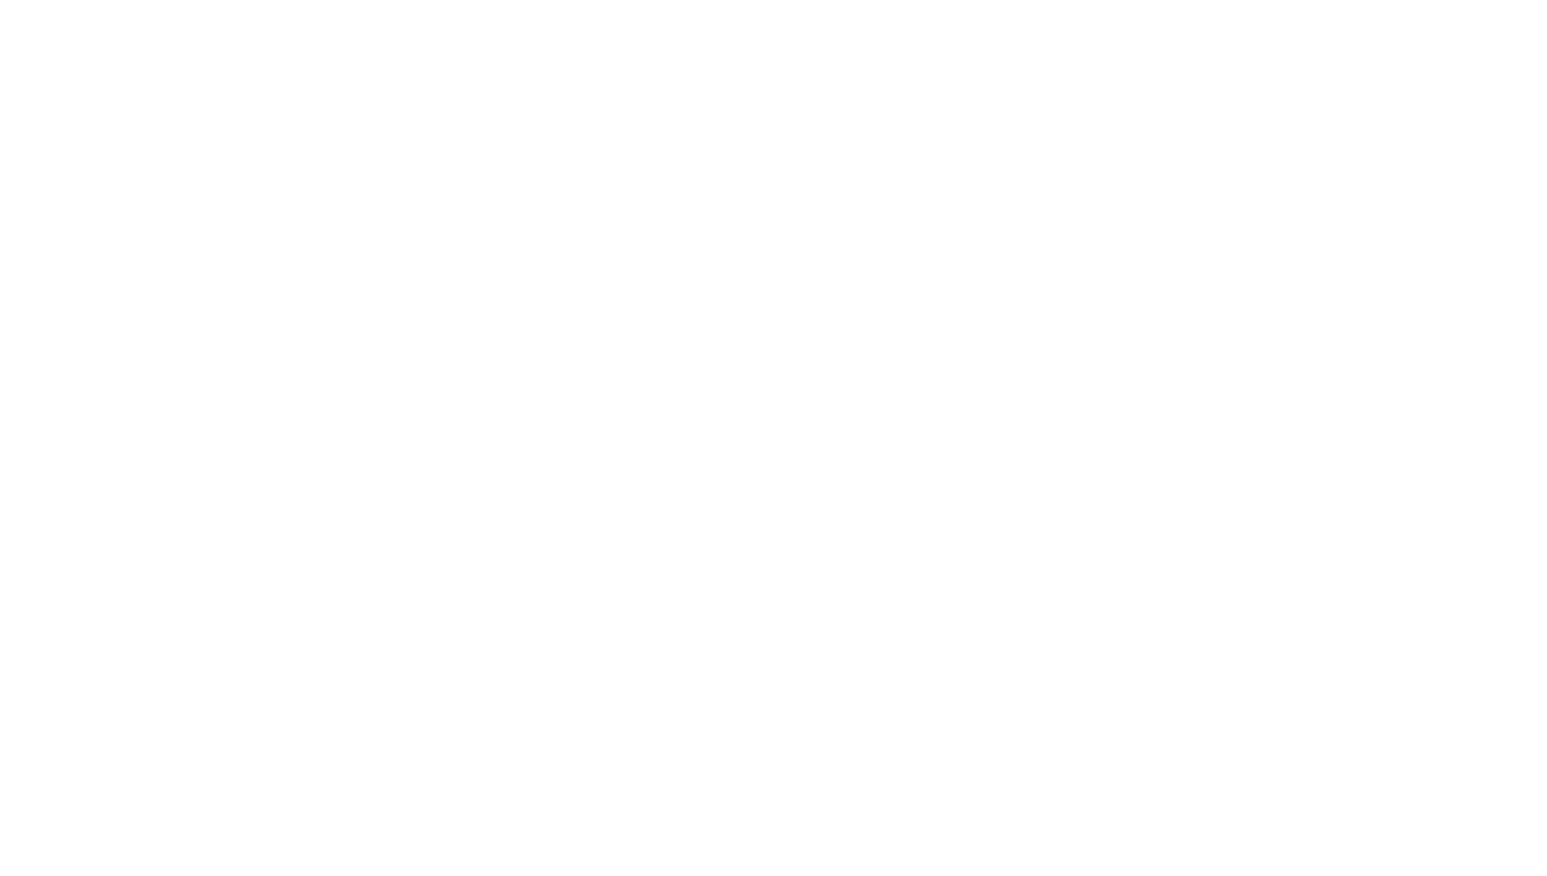 This screenshot has width=1547, height=876. Describe the element at coordinates (553, 683) in the screenshot. I see `'Microphones'` at that location.